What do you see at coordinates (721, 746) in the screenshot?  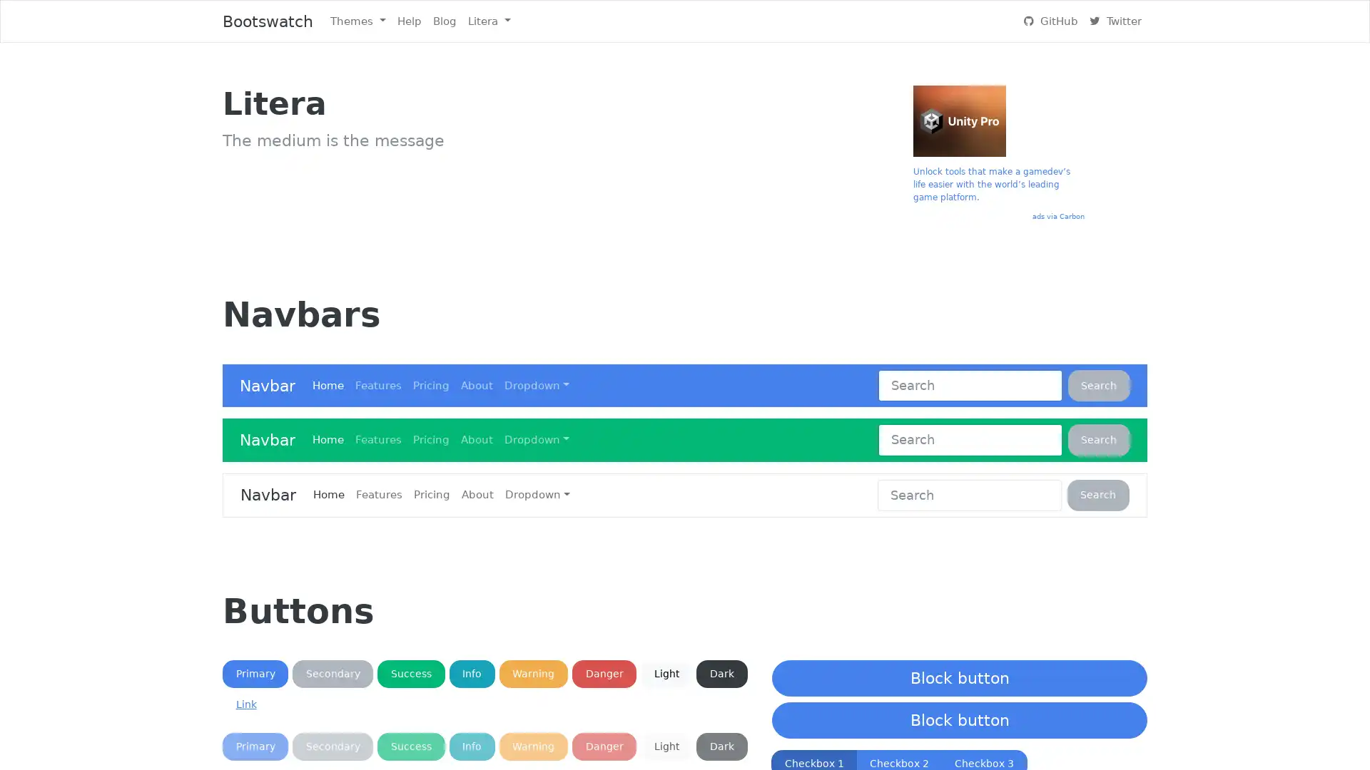 I see `Dark` at bounding box center [721, 746].